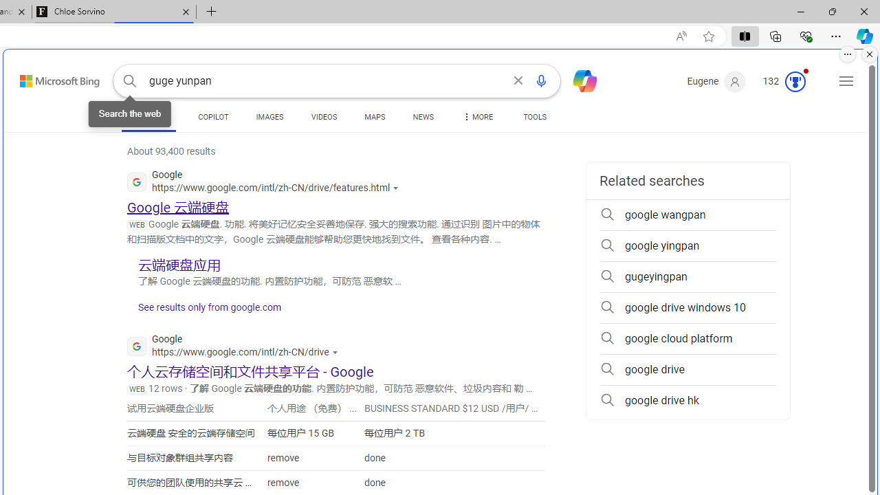  I want to click on 'VIDEOS', so click(323, 117).